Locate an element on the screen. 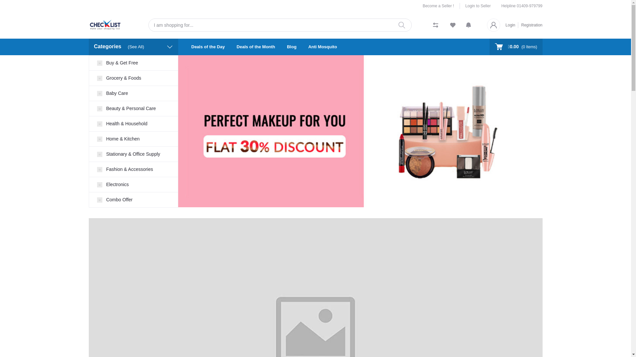 The width and height of the screenshot is (636, 357). 'Combo Offer' is located at coordinates (133, 199).